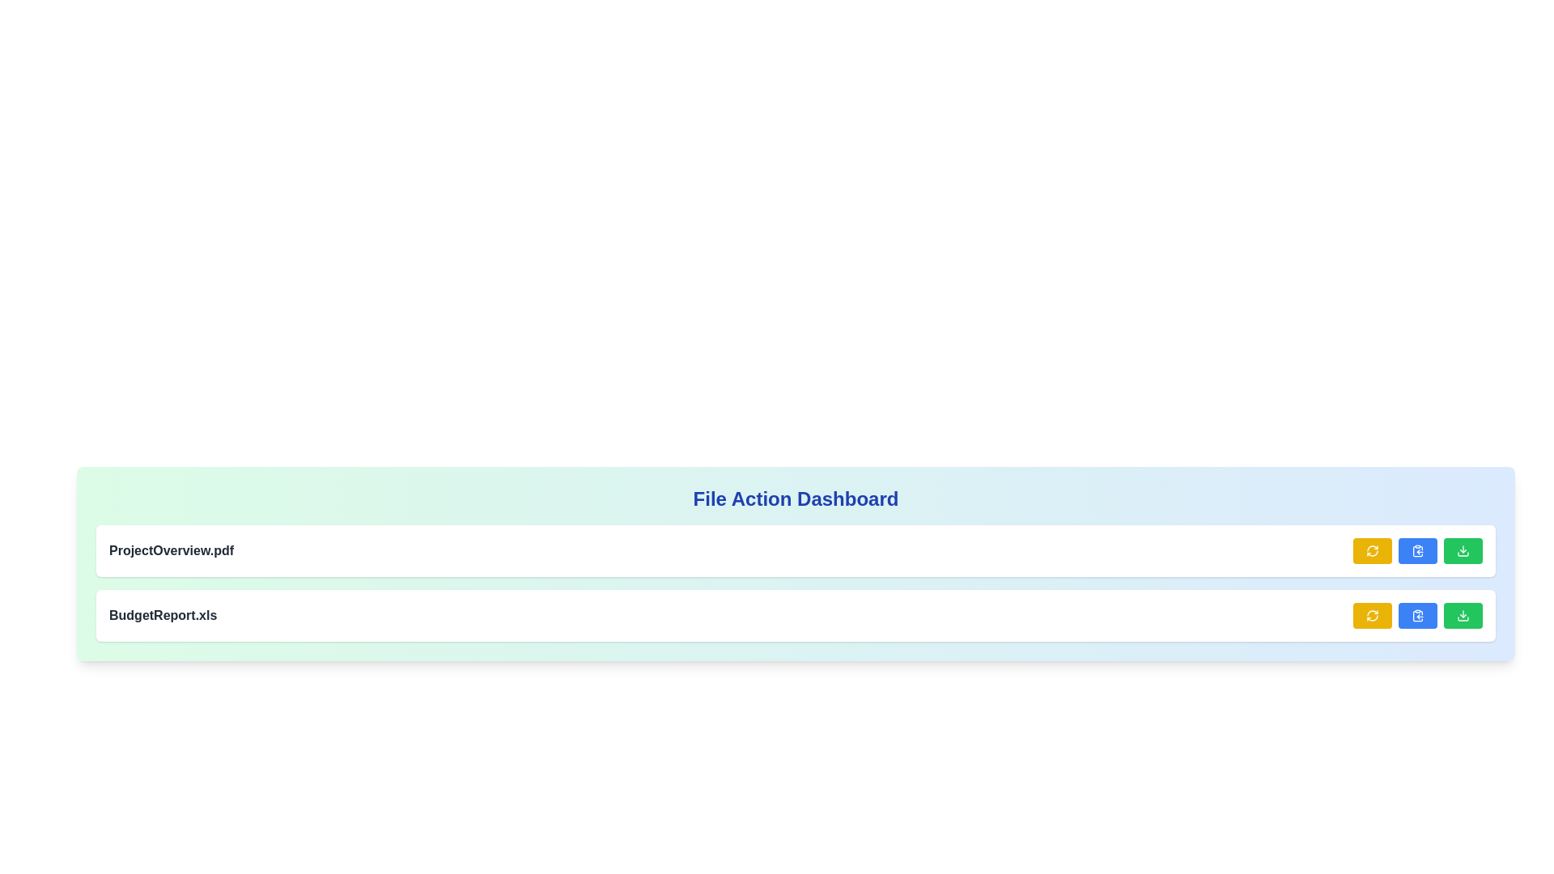  I want to click on the download SVG icon located within the green button at the far right of the second file entry row, so click(1463, 615).